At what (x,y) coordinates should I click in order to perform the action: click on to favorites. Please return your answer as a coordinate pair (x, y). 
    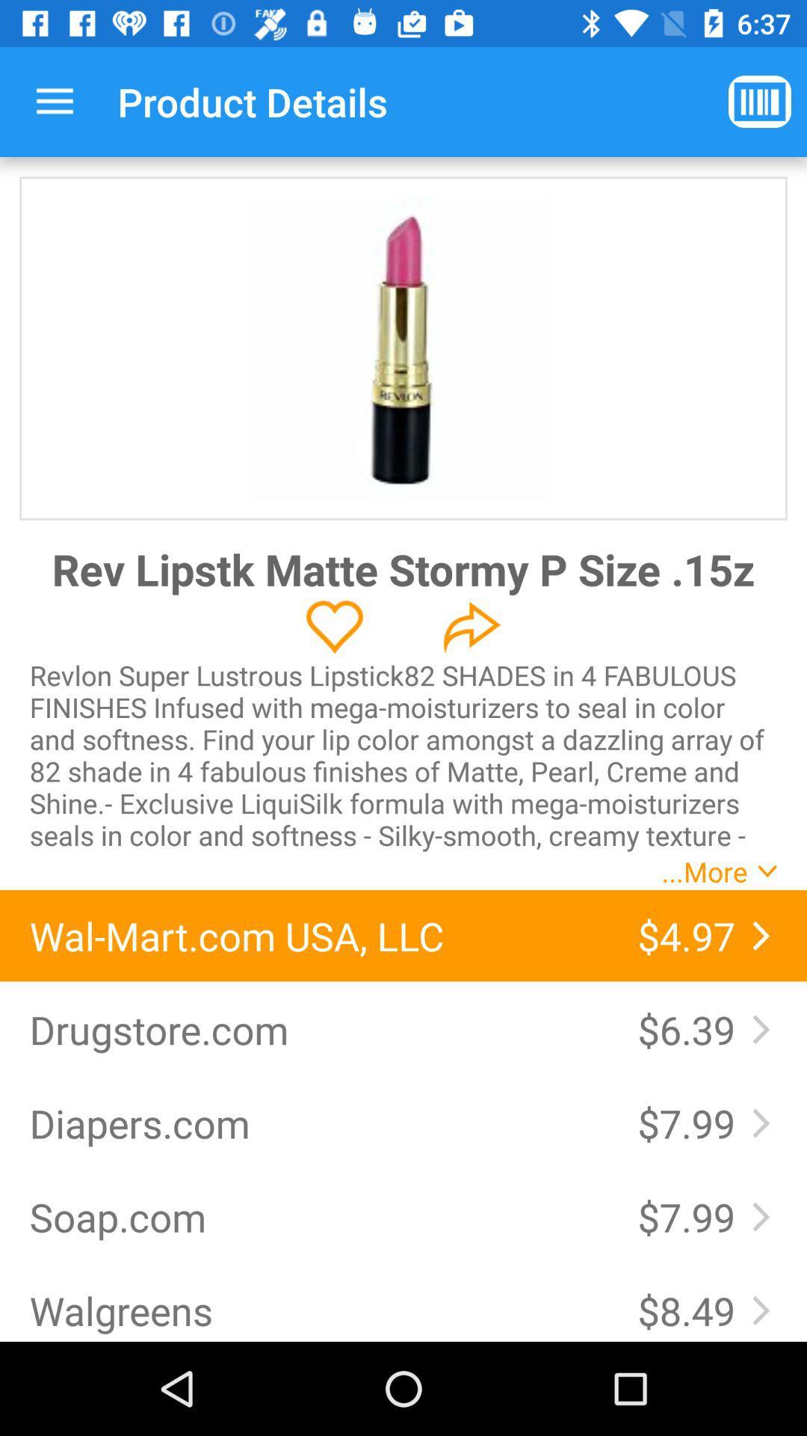
    Looking at the image, I should click on (334, 627).